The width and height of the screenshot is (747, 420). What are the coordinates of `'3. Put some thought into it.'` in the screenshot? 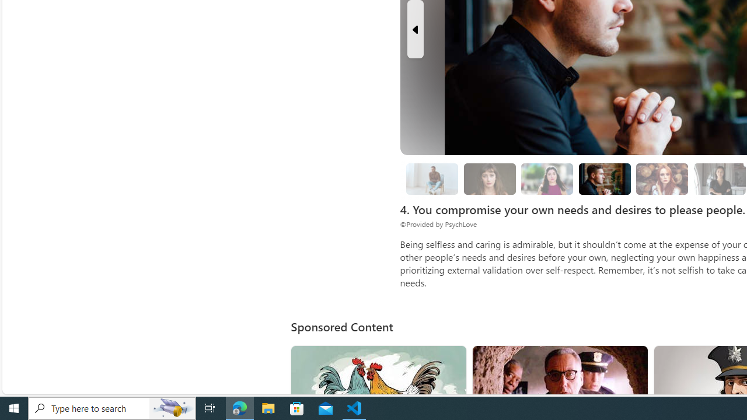 It's located at (432, 179).